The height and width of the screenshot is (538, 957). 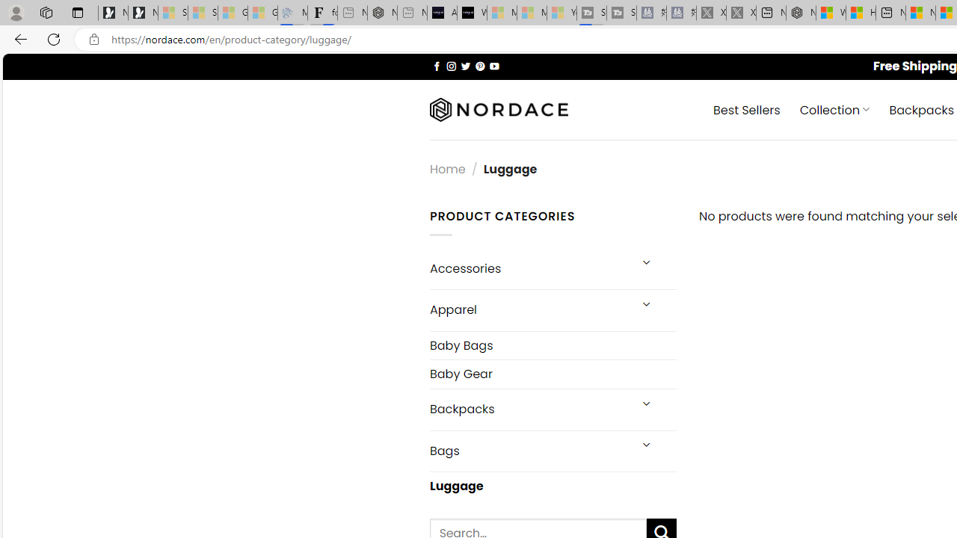 What do you see at coordinates (143, 13) in the screenshot?
I see `'Newsletter Sign Up'` at bounding box center [143, 13].